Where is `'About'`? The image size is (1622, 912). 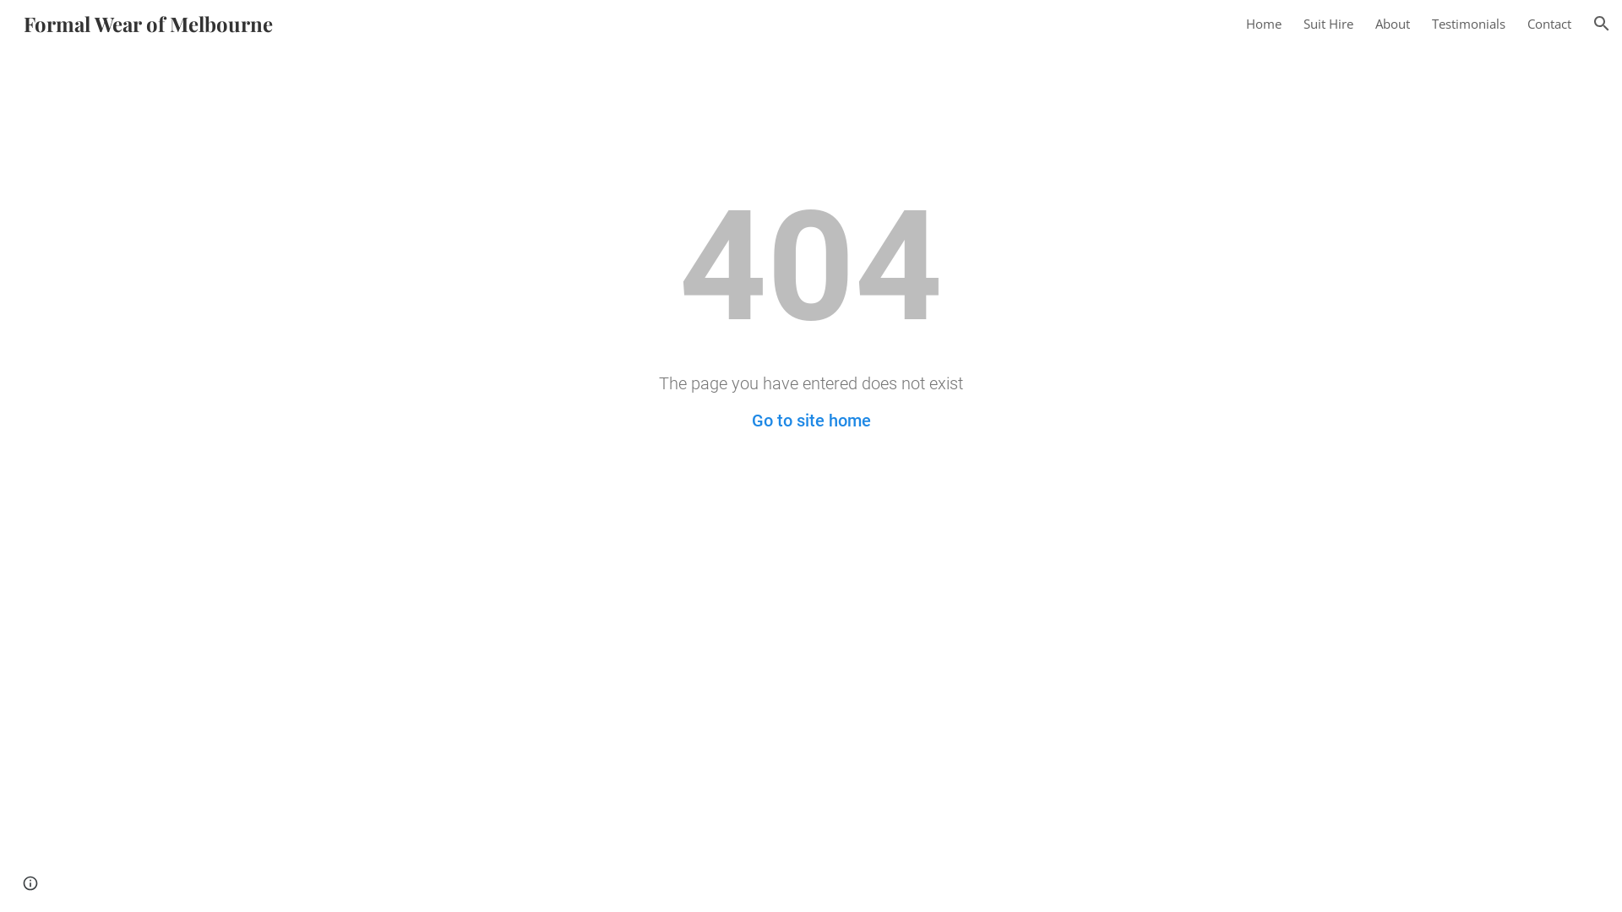 'About' is located at coordinates (1374, 23).